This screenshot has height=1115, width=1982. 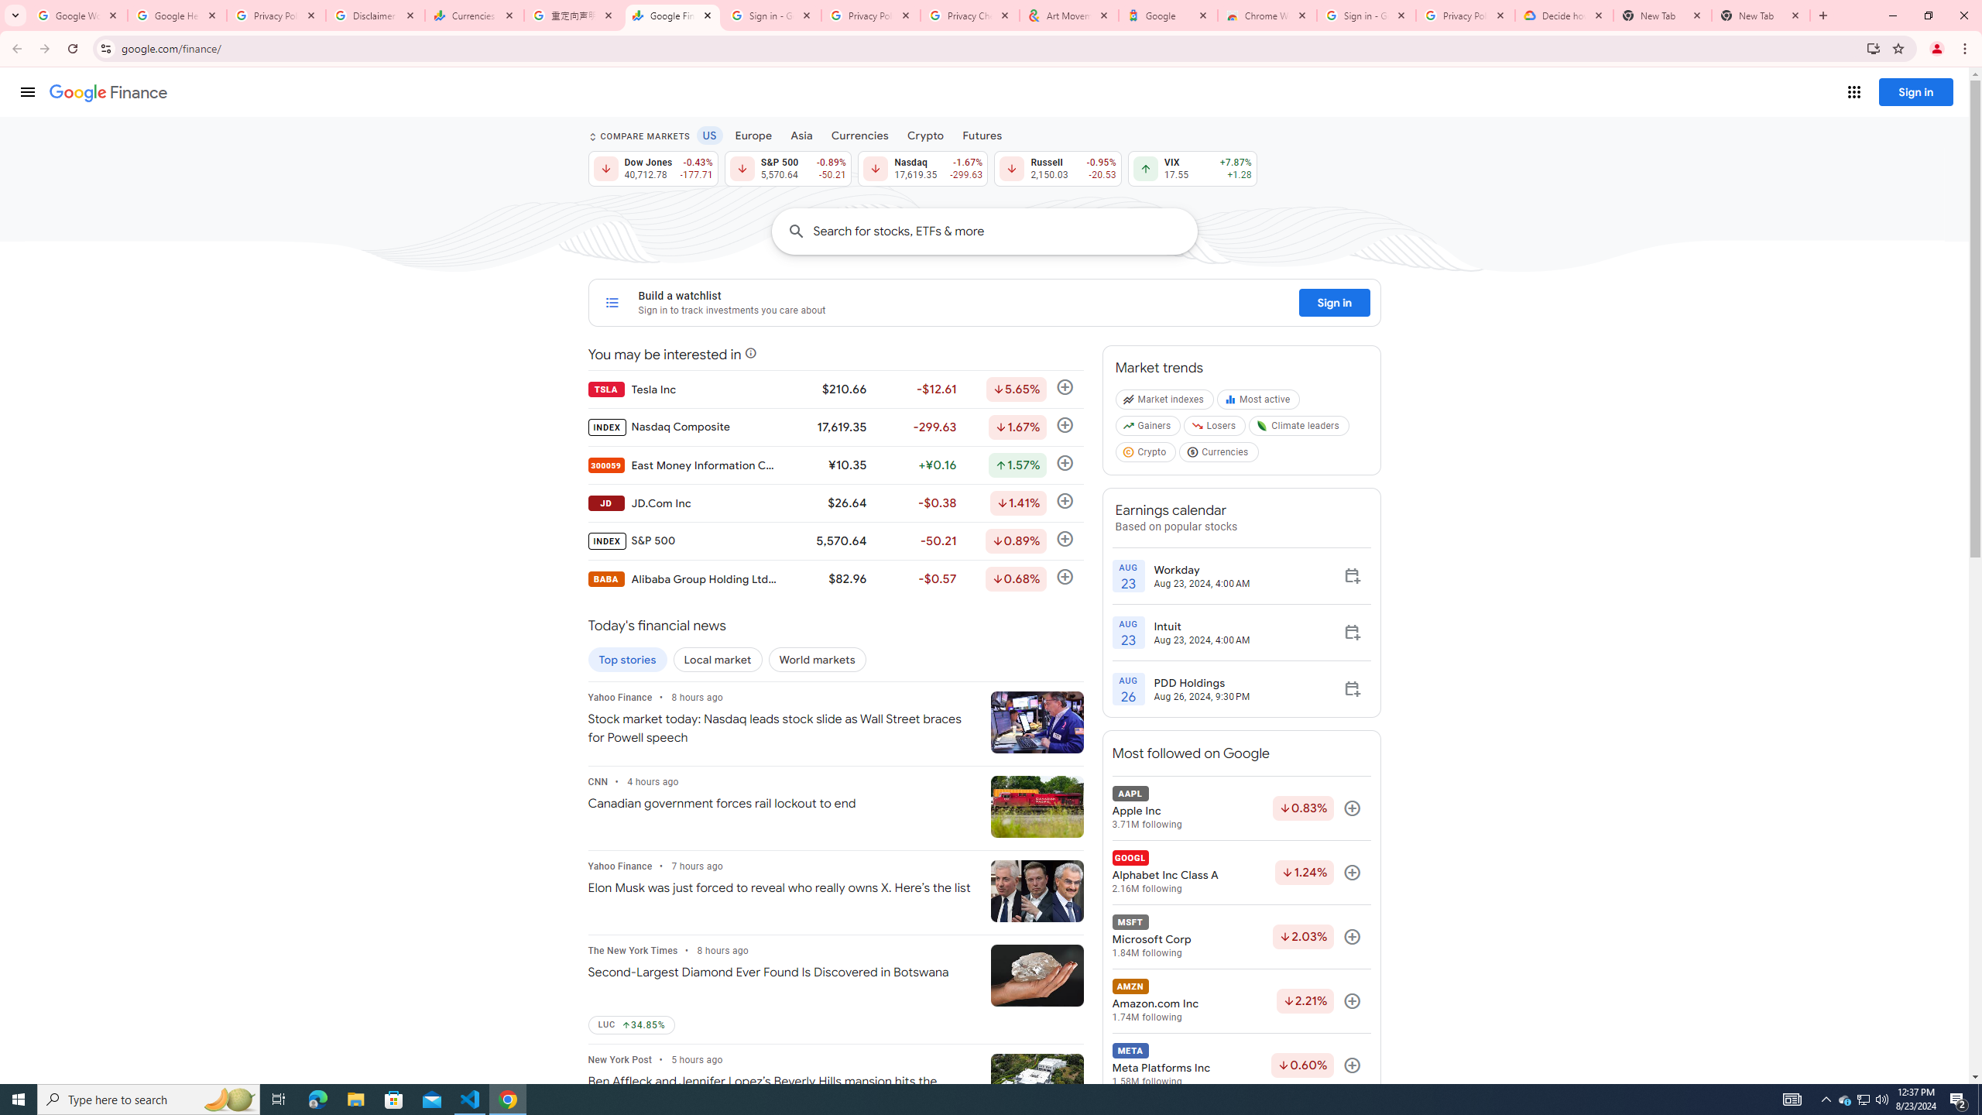 I want to click on 'META Meta Platforms Inc 1.58M following Down by 0.60% Follow', so click(x=1240, y=1065).